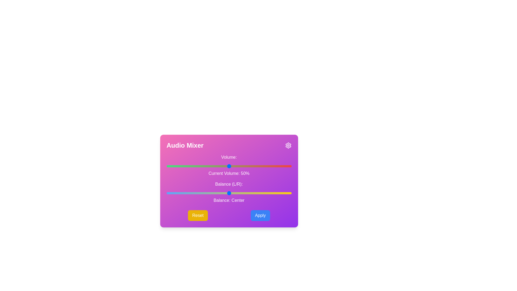 This screenshot has width=517, height=291. Describe the element at coordinates (287, 193) in the screenshot. I see `the balance slider to set the balance to 47 where balance is a value between -50 and 50` at that location.